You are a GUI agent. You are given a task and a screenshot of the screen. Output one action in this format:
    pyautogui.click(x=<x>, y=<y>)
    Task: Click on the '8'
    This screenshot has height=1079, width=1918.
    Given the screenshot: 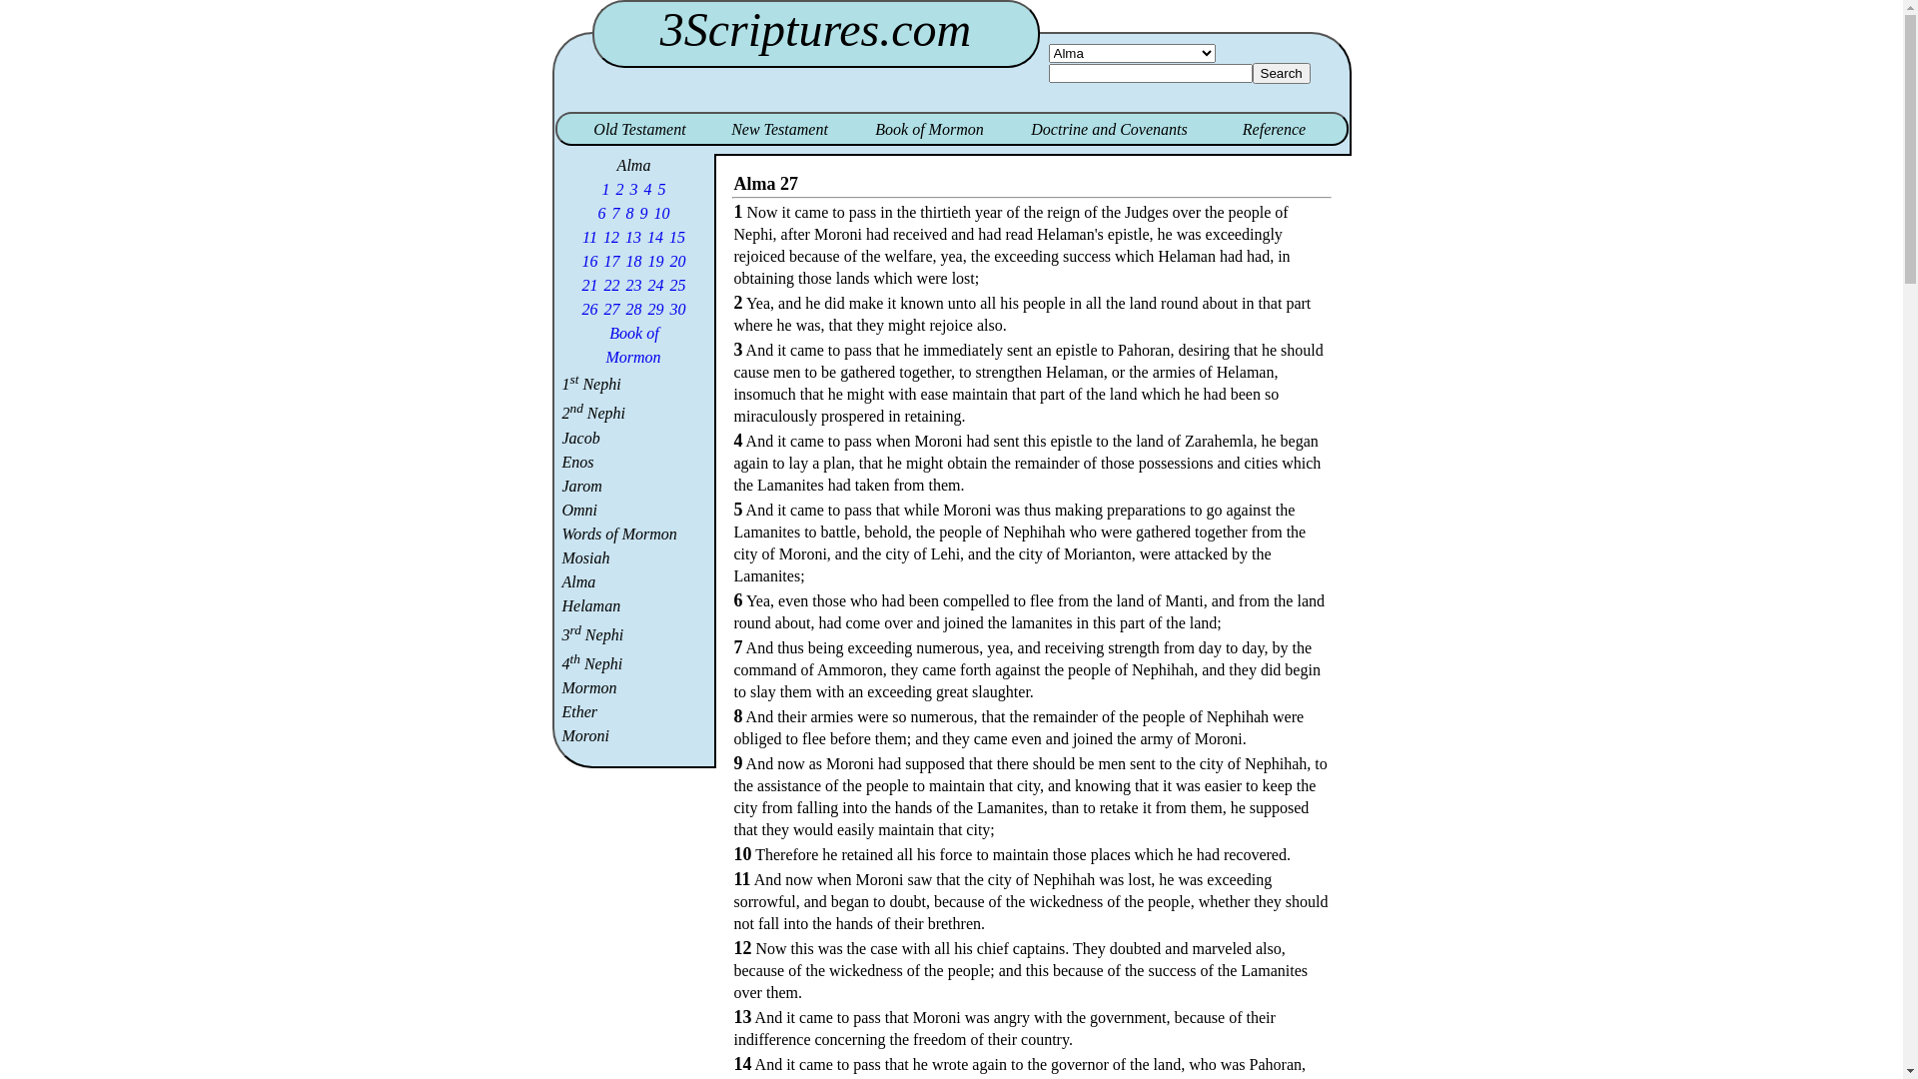 What is the action you would take?
    pyautogui.click(x=628, y=213)
    